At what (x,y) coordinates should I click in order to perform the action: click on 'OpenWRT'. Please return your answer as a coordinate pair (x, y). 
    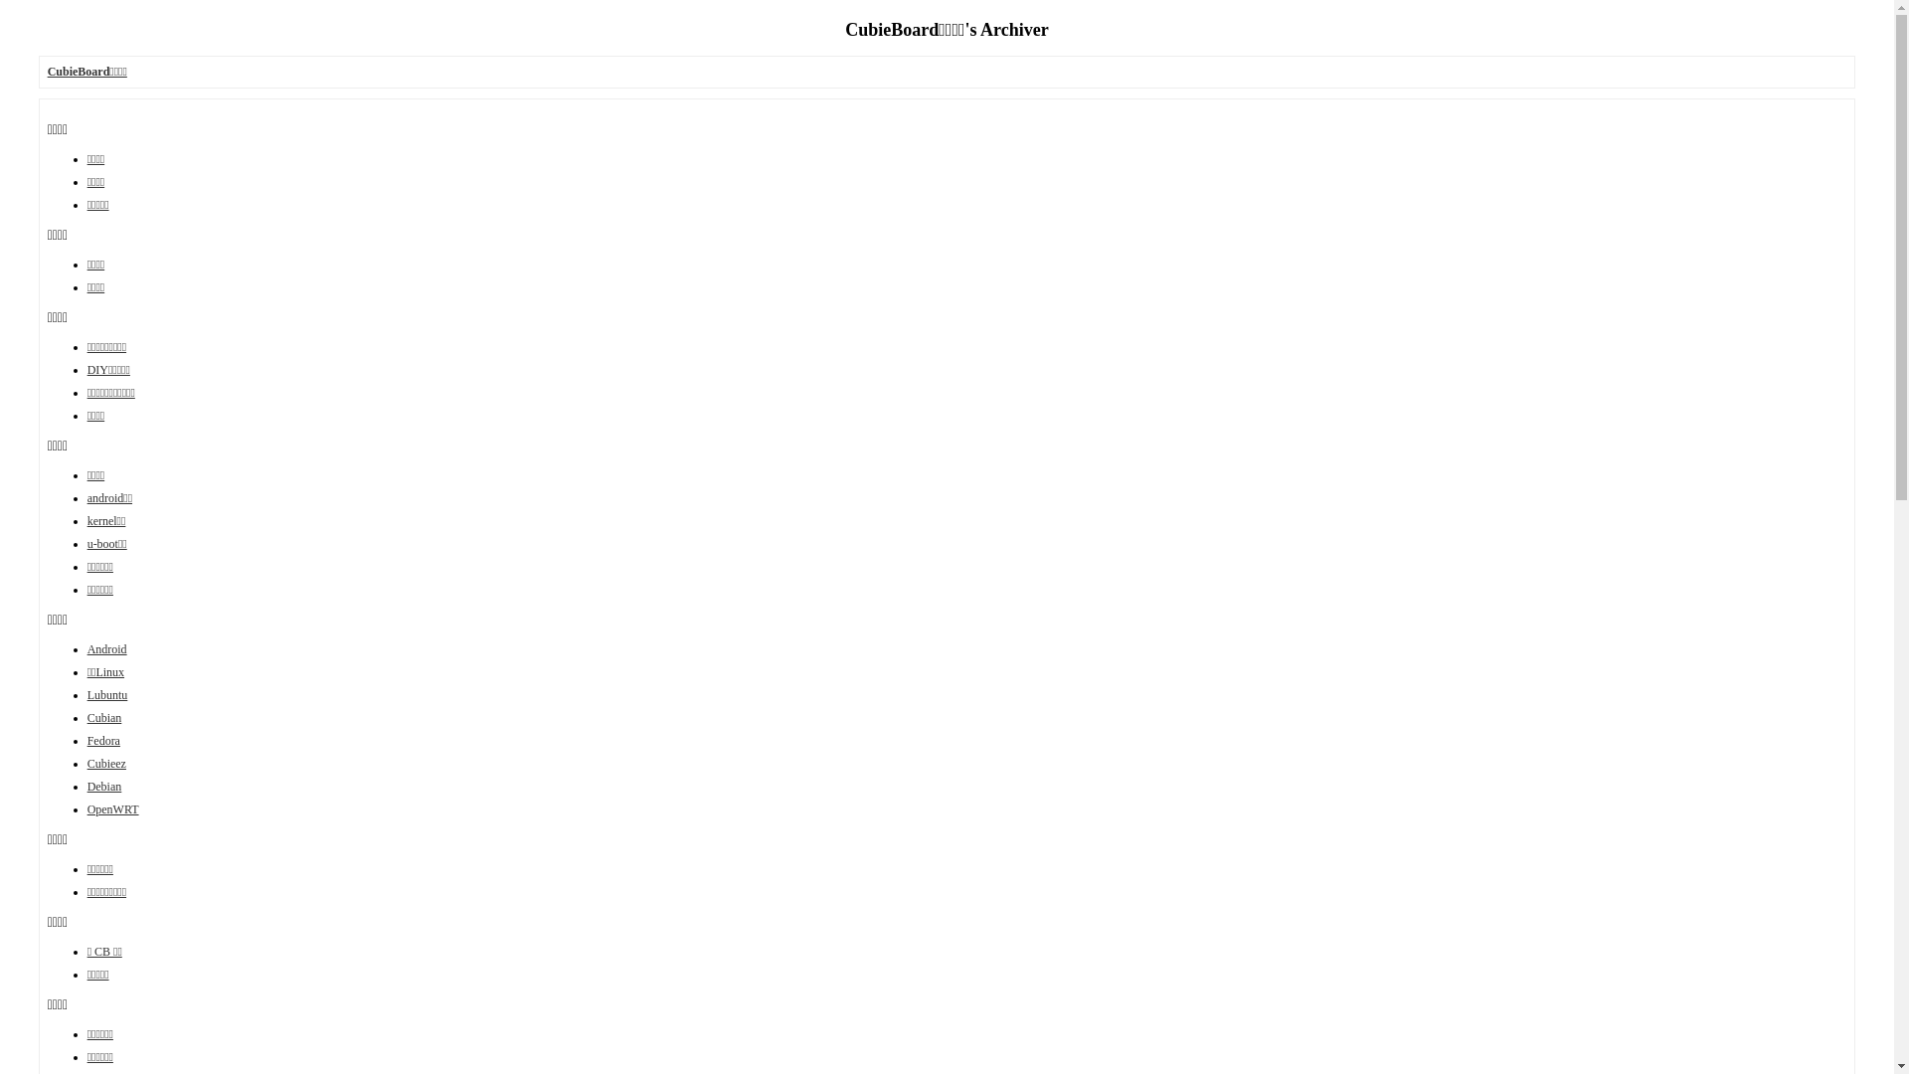
    Looking at the image, I should click on (112, 808).